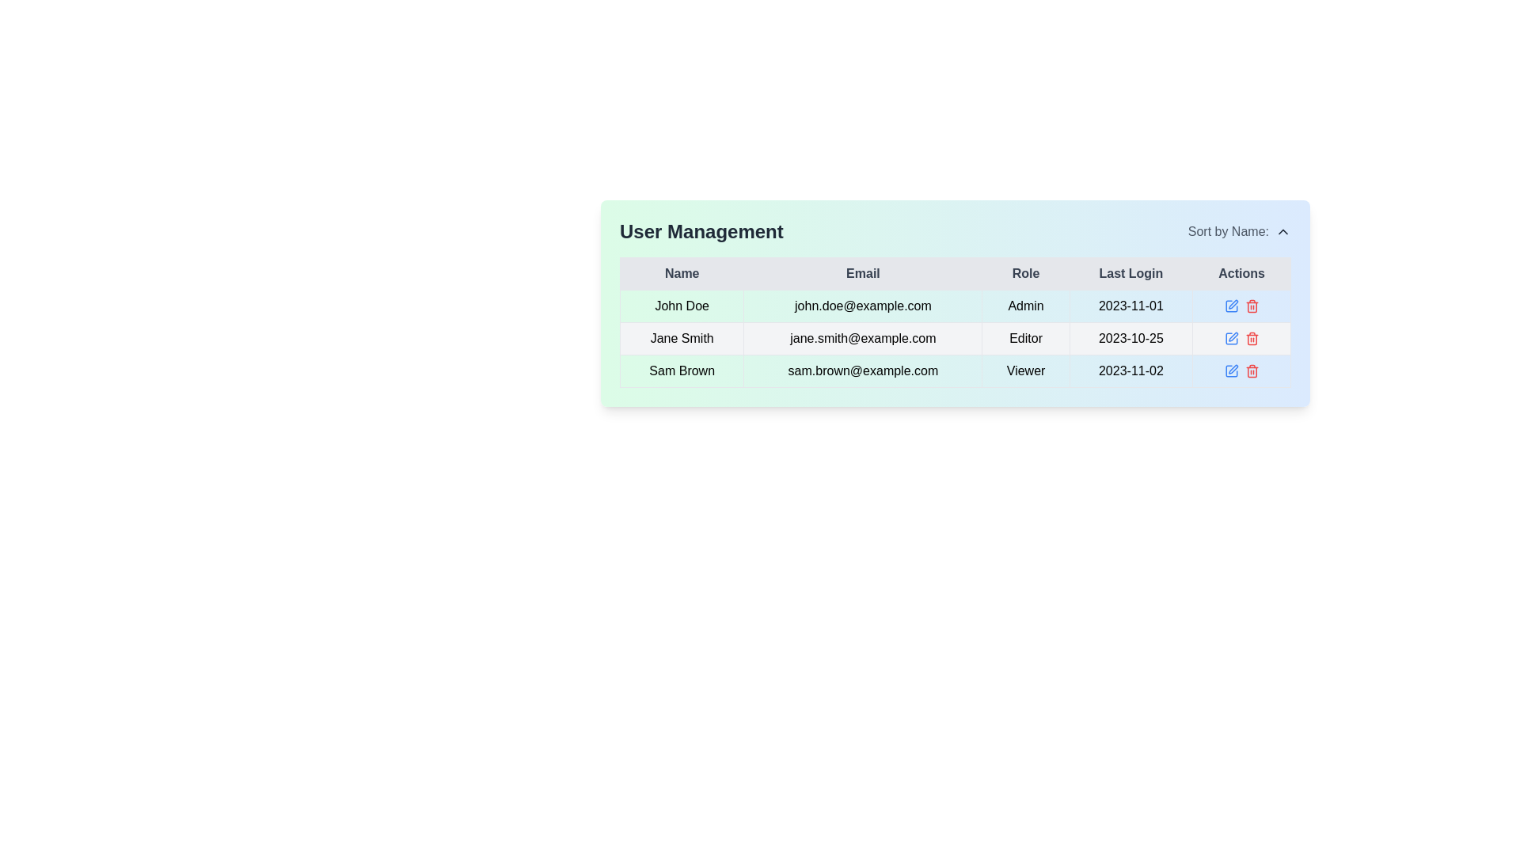  Describe the element at coordinates (682, 273) in the screenshot. I see `the 'Name' Table Column Header, which is the first column header in the 'User Management' section, styled with gray text in a bold font` at that location.